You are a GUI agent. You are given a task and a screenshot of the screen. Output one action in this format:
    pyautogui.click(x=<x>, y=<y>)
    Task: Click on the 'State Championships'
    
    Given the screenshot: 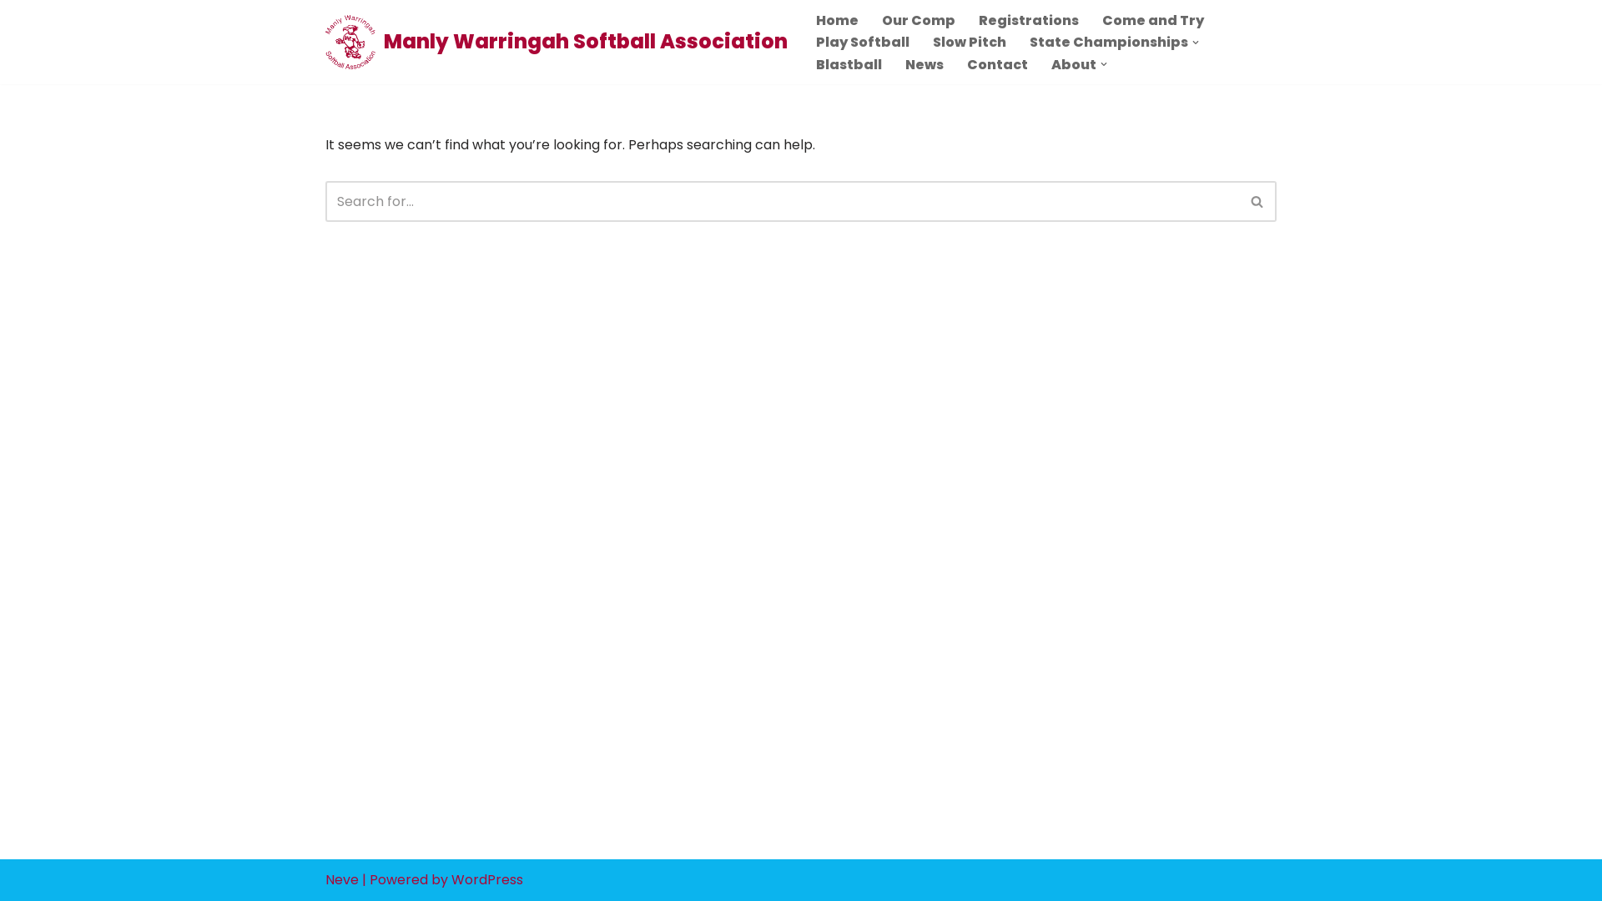 What is the action you would take?
    pyautogui.click(x=1109, y=41)
    